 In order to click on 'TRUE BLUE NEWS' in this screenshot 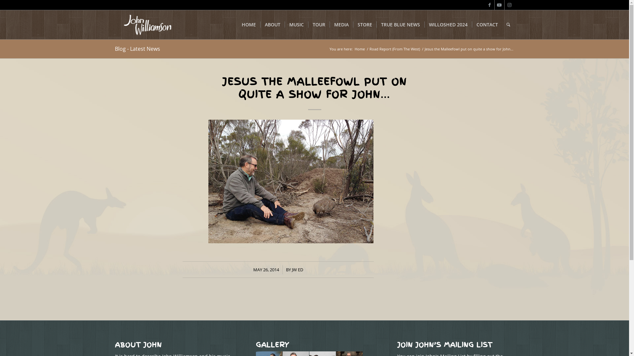, I will do `click(376, 24)`.